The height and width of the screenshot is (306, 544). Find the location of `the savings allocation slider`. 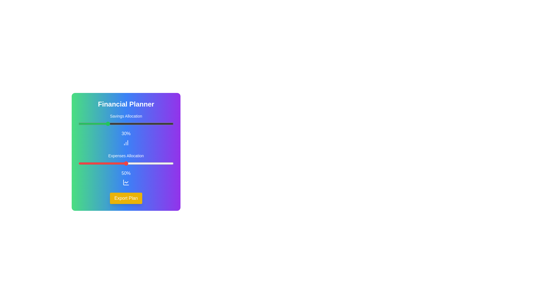

the savings allocation slider is located at coordinates (96, 123).